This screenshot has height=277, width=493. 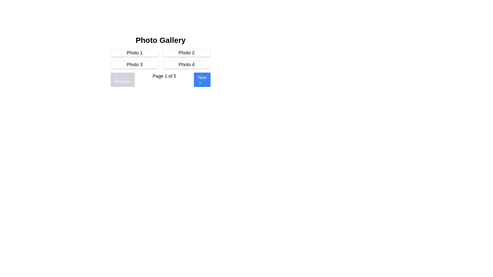 I want to click on the text label 'Photo 2', which is styled in bold black font and is centrally aligned within a rounded rectangle button-like structure, so click(x=186, y=53).